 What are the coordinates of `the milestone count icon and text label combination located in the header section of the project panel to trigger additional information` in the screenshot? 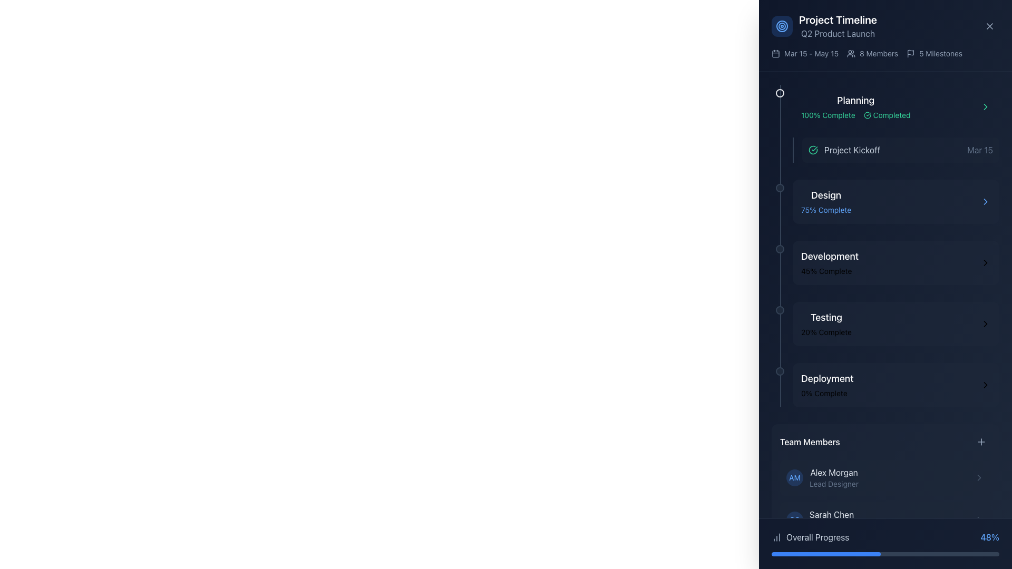 It's located at (935, 53).